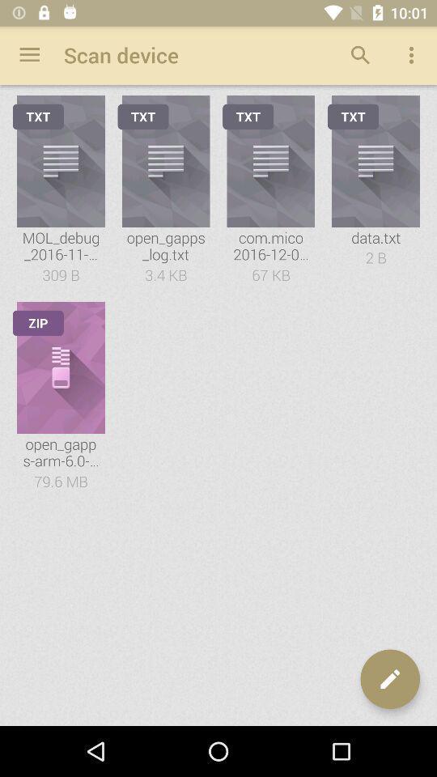 Image resolution: width=437 pixels, height=777 pixels. What do you see at coordinates (29, 55) in the screenshot?
I see `the icon next to scan device item` at bounding box center [29, 55].